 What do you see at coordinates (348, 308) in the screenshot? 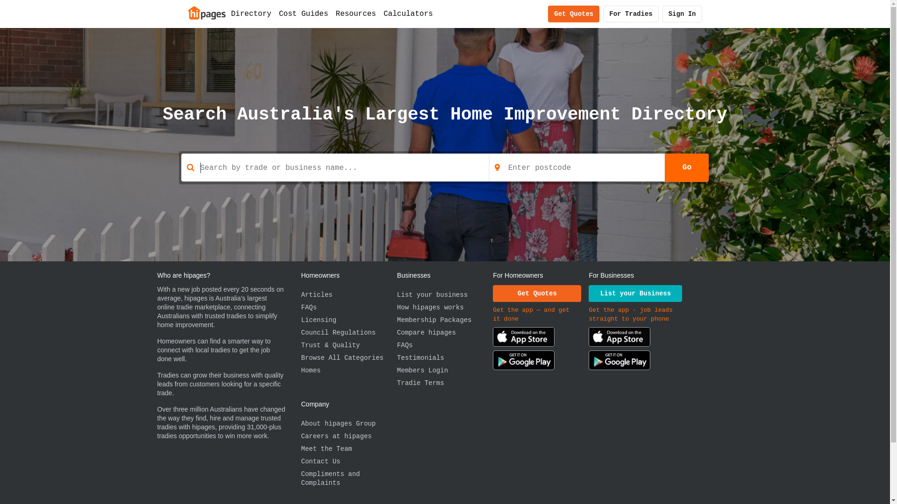
I see `'FAQs'` at bounding box center [348, 308].